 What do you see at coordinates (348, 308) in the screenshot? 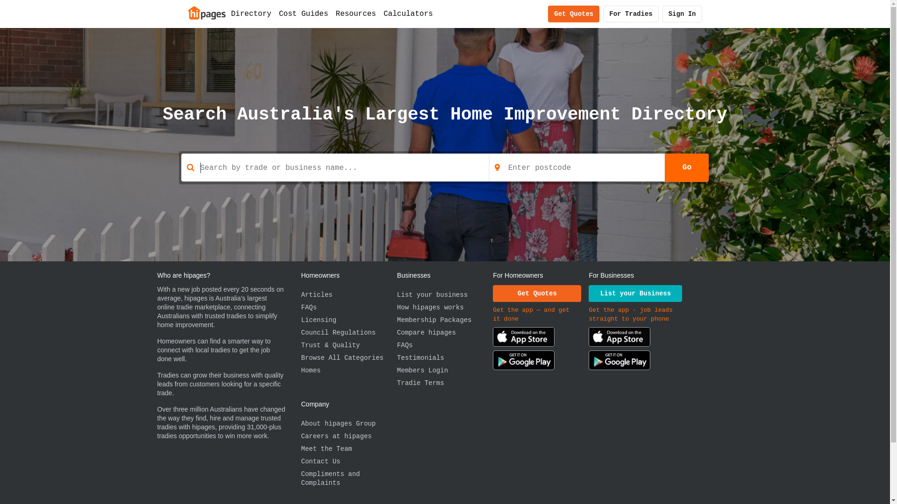
I see `'FAQs'` at bounding box center [348, 308].